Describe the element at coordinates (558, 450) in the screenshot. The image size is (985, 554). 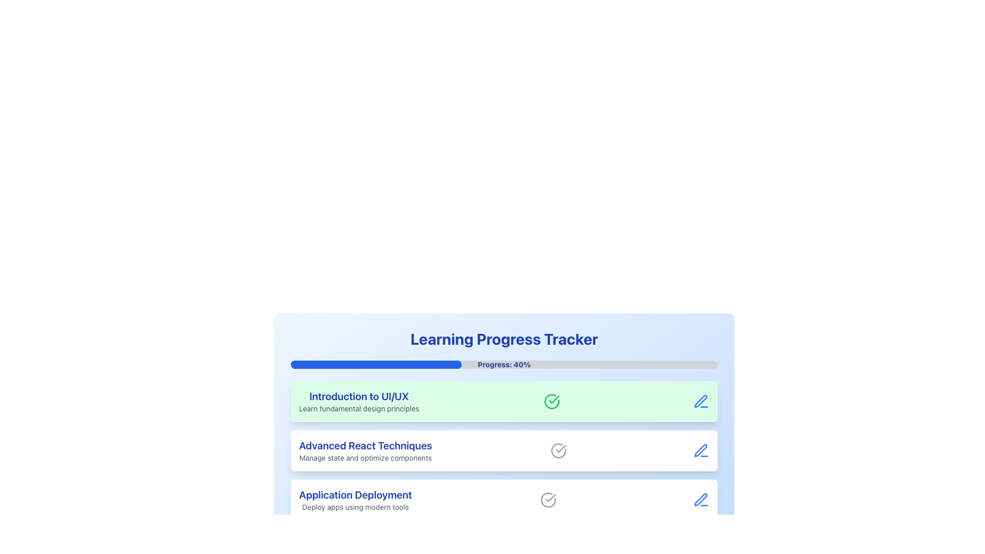
I see `the circular icon with a checkmark located to the right of the text 'Advanced React Techniques'` at that location.